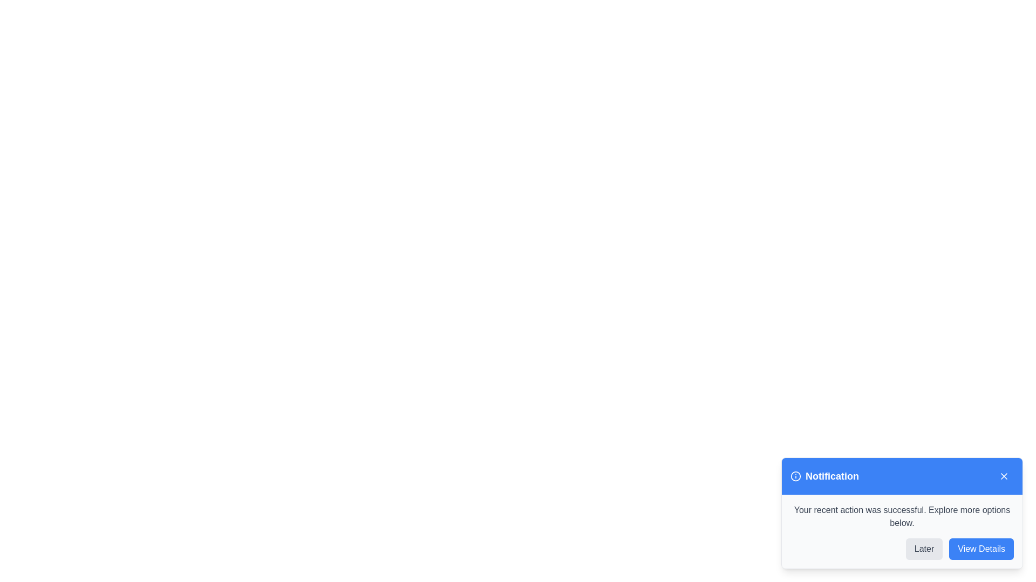 The image size is (1036, 582). Describe the element at coordinates (674, 459) in the screenshot. I see `the 'View Details' button on the Notification card located at the bottom-right side of the interface` at that location.